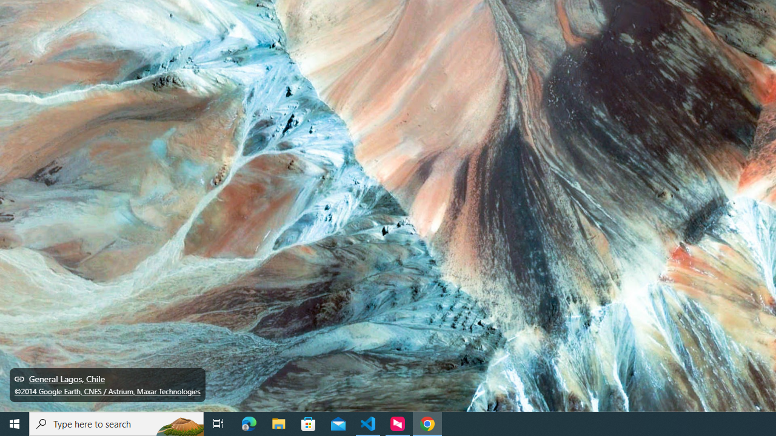 The height and width of the screenshot is (436, 776). Describe the element at coordinates (178, 423) in the screenshot. I see `'Search highlights icon opens search home window'` at that location.